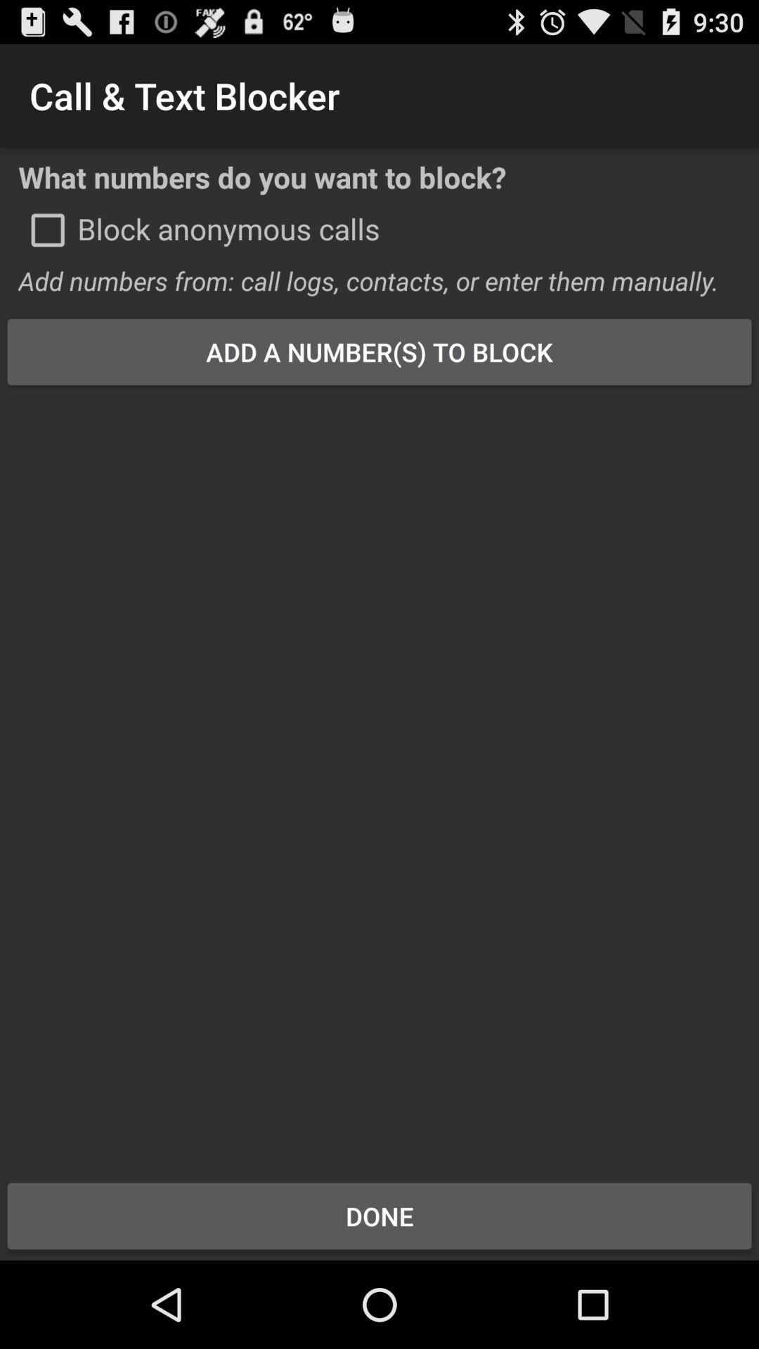 Image resolution: width=759 pixels, height=1349 pixels. What do you see at coordinates (379, 351) in the screenshot?
I see `the add a number item` at bounding box center [379, 351].